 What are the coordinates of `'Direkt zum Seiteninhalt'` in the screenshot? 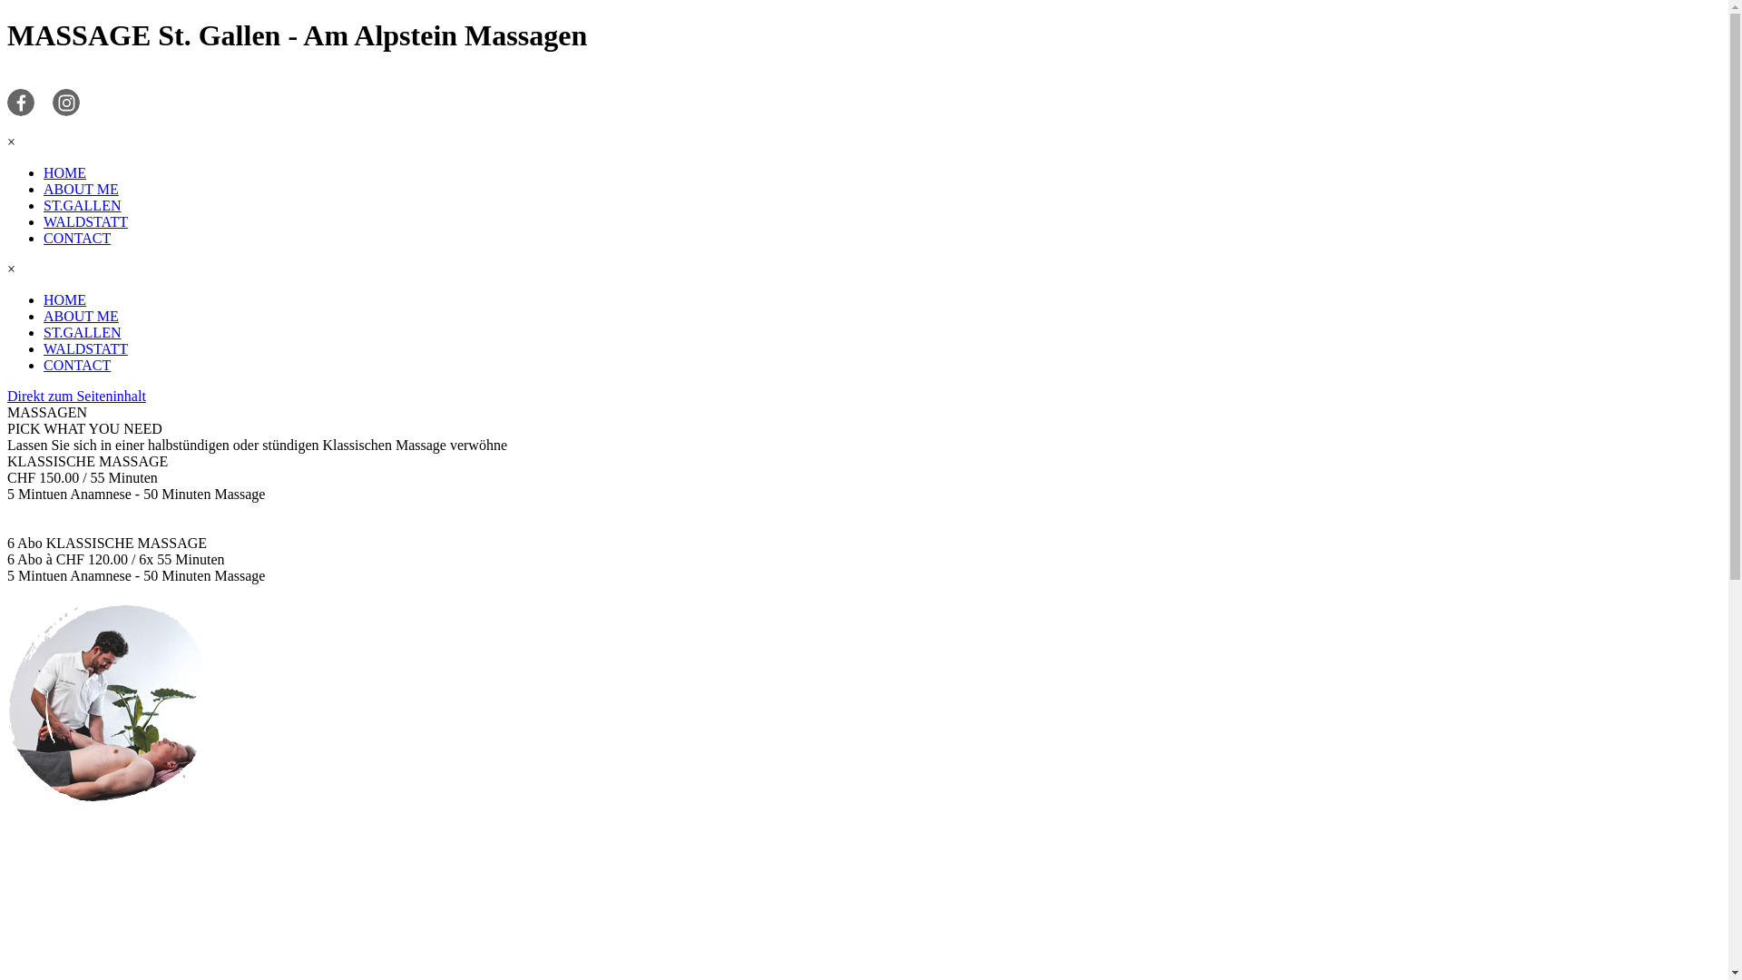 It's located at (75, 395).